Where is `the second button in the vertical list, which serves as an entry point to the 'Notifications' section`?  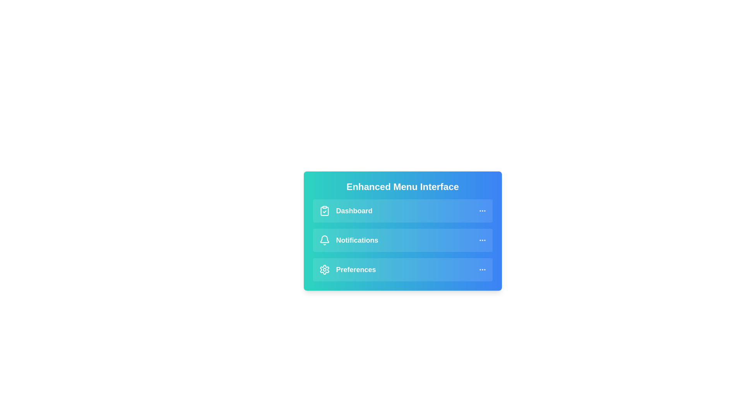 the second button in the vertical list, which serves as an entry point to the 'Notifications' section is located at coordinates (402, 240).